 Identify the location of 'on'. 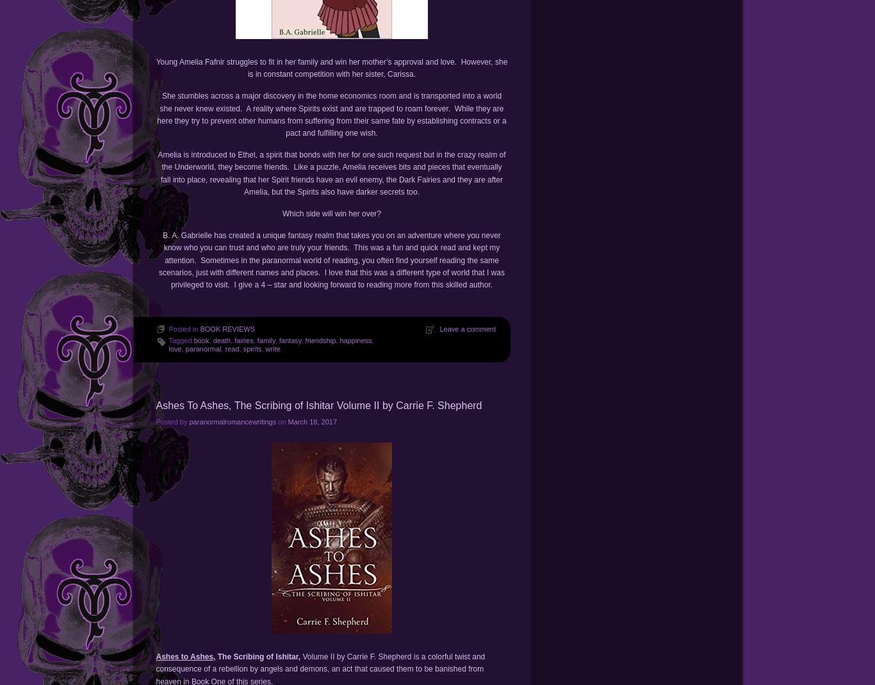
(281, 421).